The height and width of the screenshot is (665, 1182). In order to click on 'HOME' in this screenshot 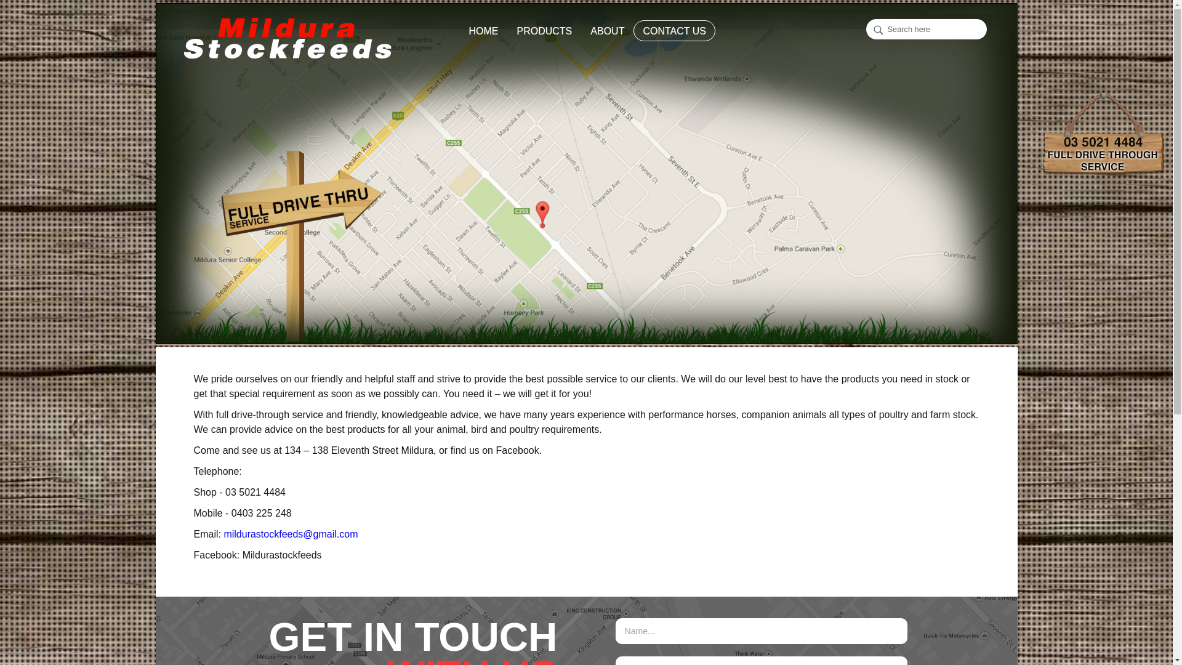, I will do `click(483, 30)`.